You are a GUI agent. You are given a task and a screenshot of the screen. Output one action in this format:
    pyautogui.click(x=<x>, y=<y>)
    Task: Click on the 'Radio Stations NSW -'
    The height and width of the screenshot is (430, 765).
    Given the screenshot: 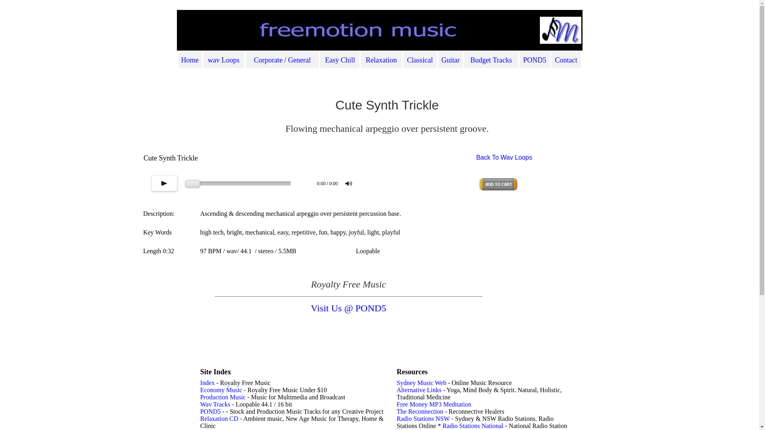 What is the action you would take?
    pyautogui.click(x=426, y=418)
    